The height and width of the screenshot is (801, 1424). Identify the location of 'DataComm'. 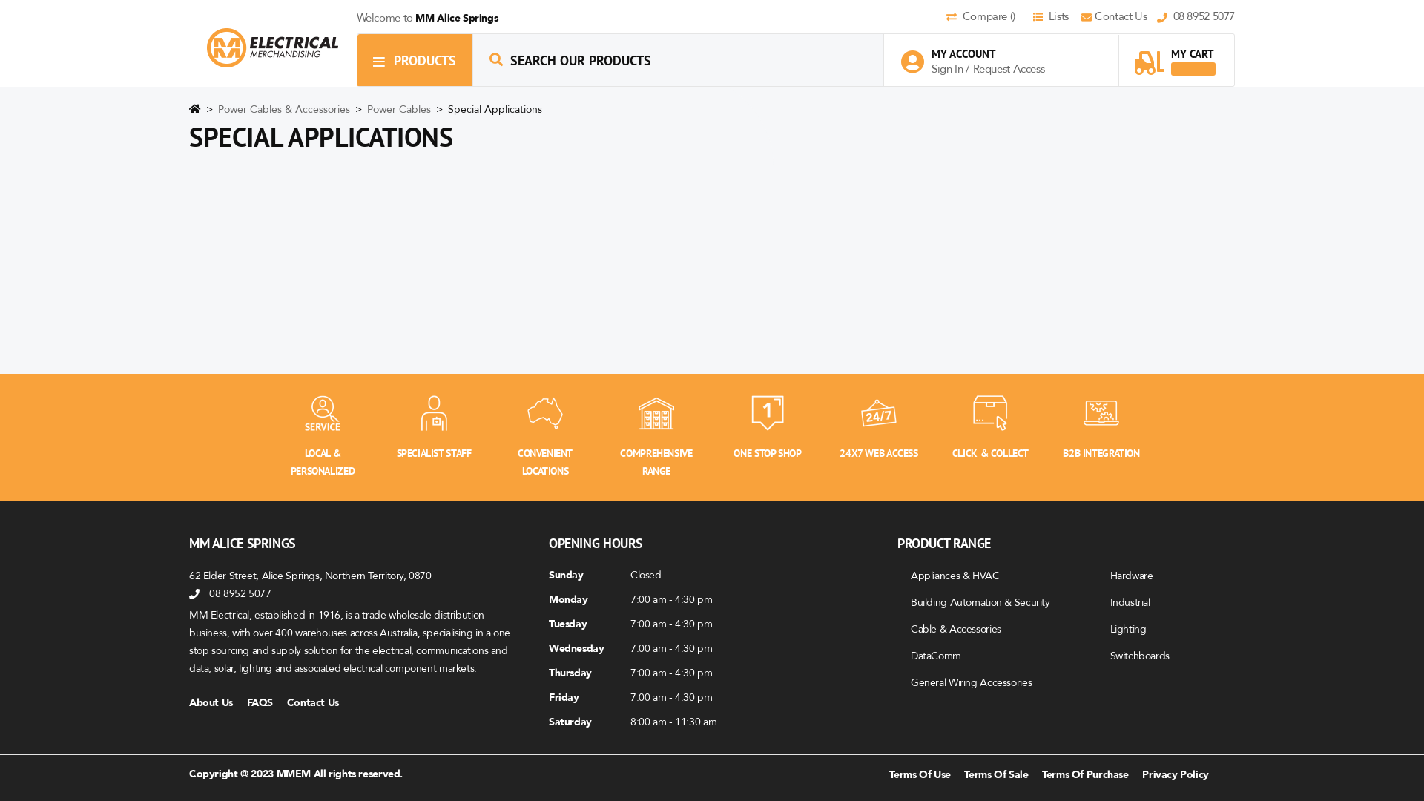
(935, 654).